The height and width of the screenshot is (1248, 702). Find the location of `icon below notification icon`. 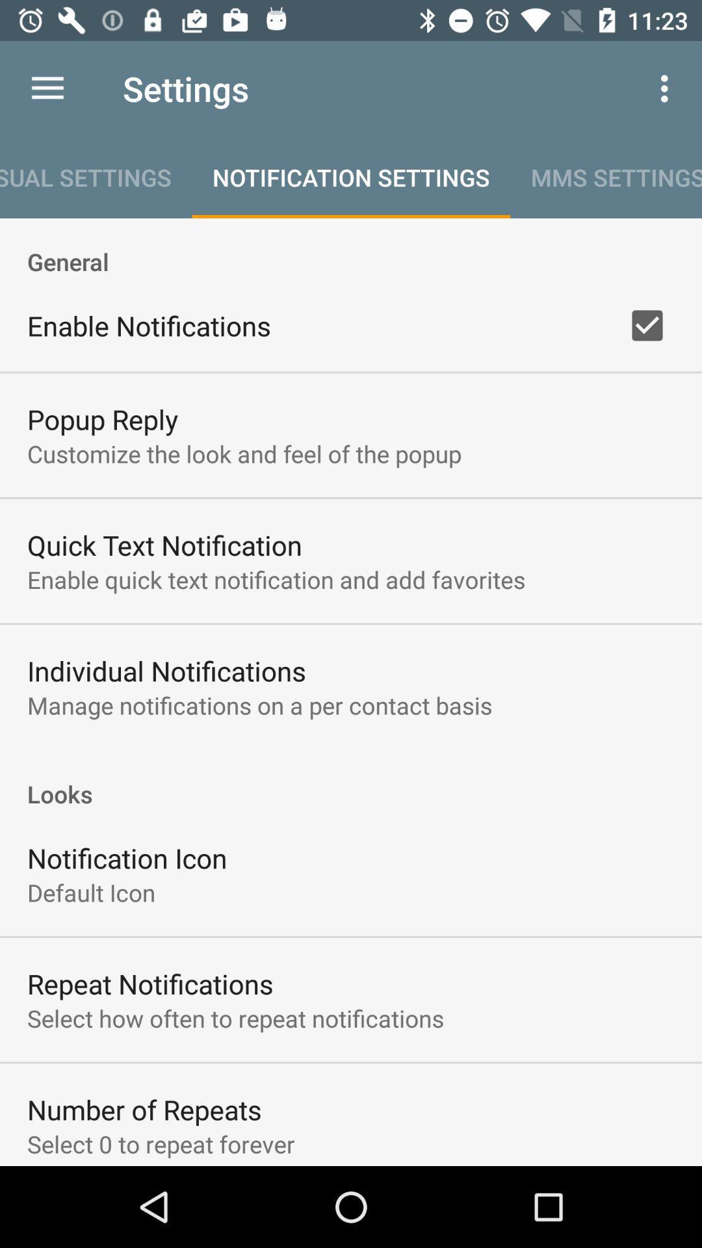

icon below notification icon is located at coordinates (90, 892).